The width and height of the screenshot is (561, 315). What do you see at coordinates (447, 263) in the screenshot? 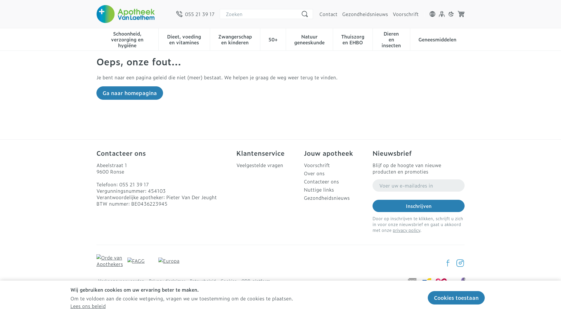
I see `'Facebook'` at bounding box center [447, 263].